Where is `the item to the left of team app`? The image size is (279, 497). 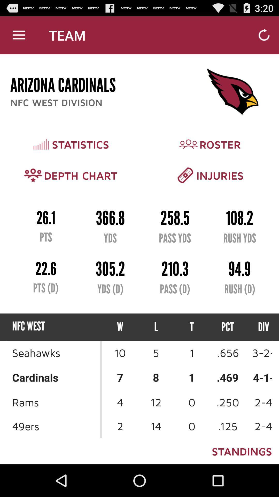 the item to the left of team app is located at coordinates (19, 35).